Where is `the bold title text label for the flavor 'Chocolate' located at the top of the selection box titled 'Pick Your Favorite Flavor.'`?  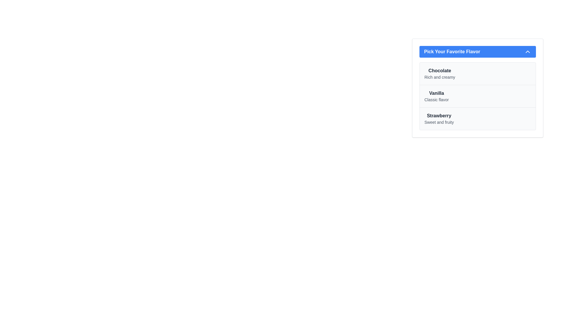
the bold title text label for the flavor 'Chocolate' located at the top of the selection box titled 'Pick Your Favorite Flavor.' is located at coordinates (440, 71).